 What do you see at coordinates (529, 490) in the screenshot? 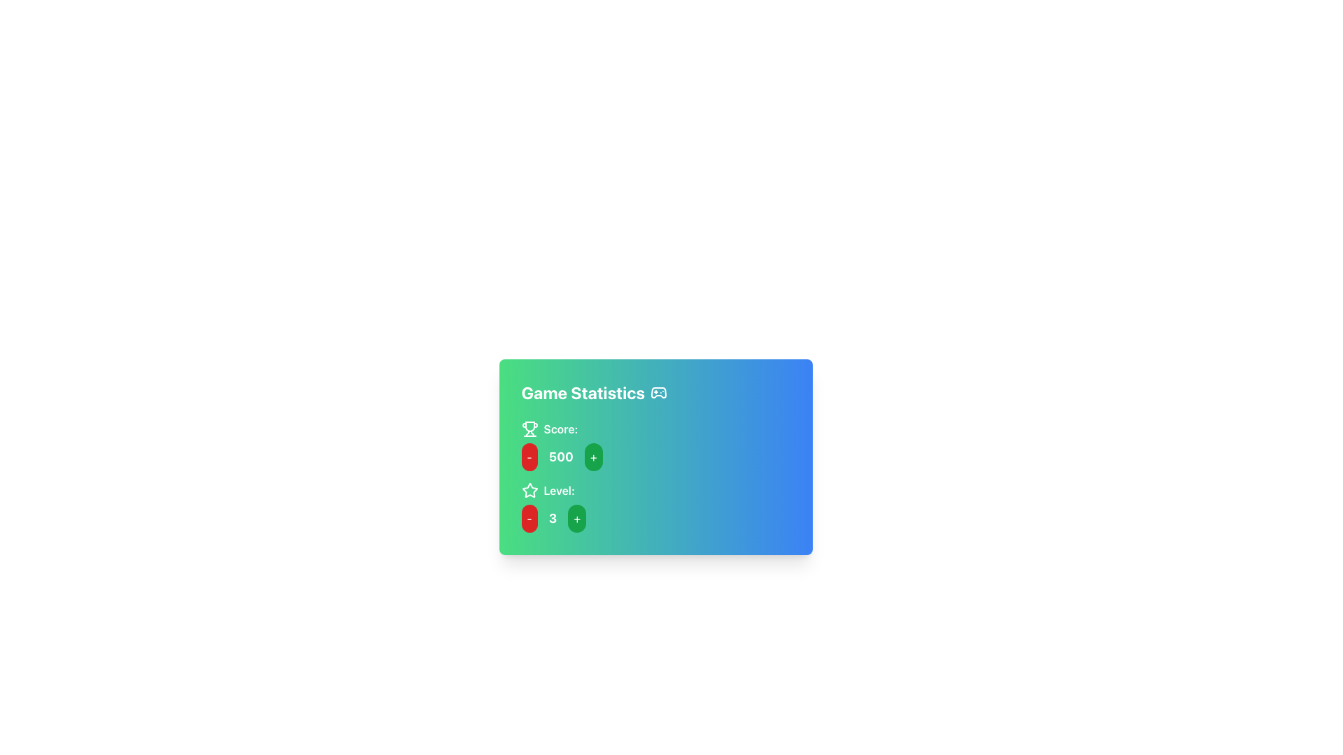
I see `the star icon located to the left of the 'Level:' label, which is styled with an outline and has a smooth, rounded design` at bounding box center [529, 490].